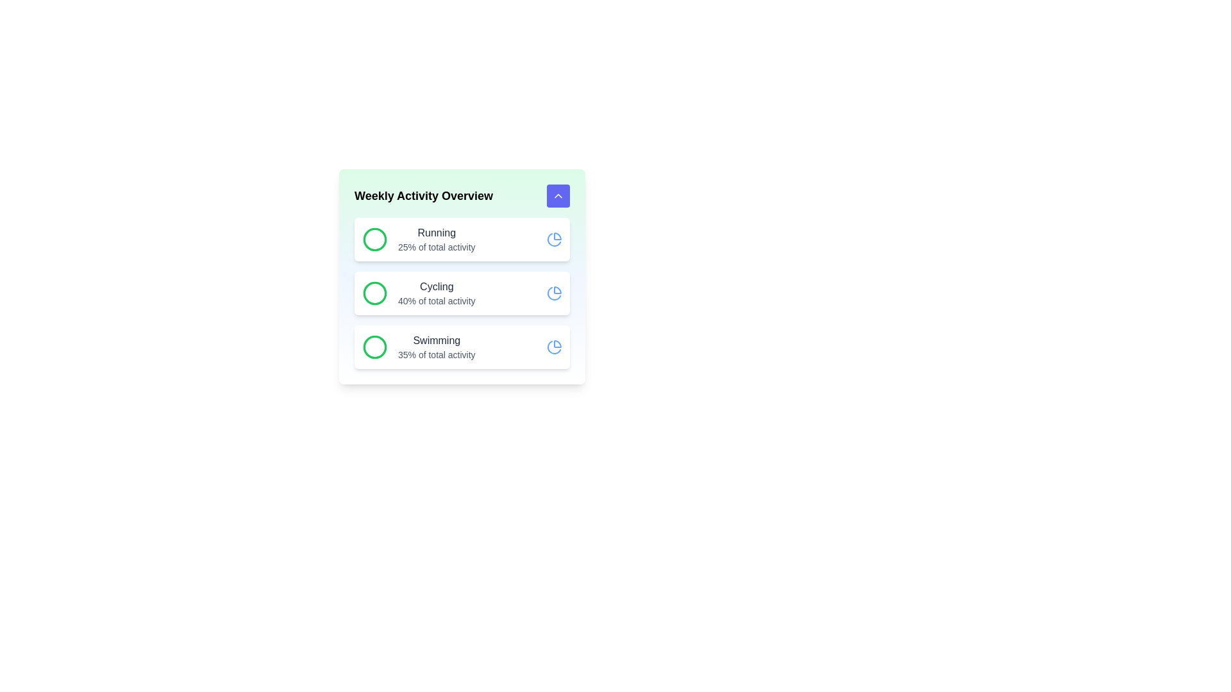  What do you see at coordinates (554, 240) in the screenshot?
I see `the light blue circular icon with a pie chart symbol located at the top-right corner of the 'Running' activity card` at bounding box center [554, 240].